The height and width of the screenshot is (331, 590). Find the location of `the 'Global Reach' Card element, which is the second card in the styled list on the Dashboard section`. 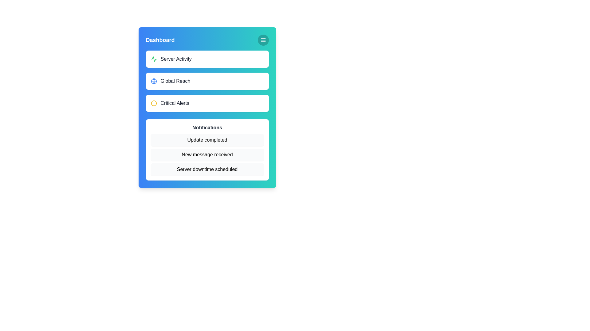

the 'Global Reach' Card element, which is the second card in the styled list on the Dashboard section is located at coordinates (207, 81).